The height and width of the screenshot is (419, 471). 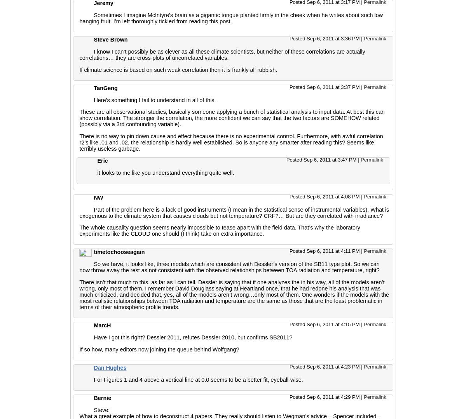 I want to click on 'Posted Sep 6, 2011 at 3:37 PM', so click(x=289, y=87).